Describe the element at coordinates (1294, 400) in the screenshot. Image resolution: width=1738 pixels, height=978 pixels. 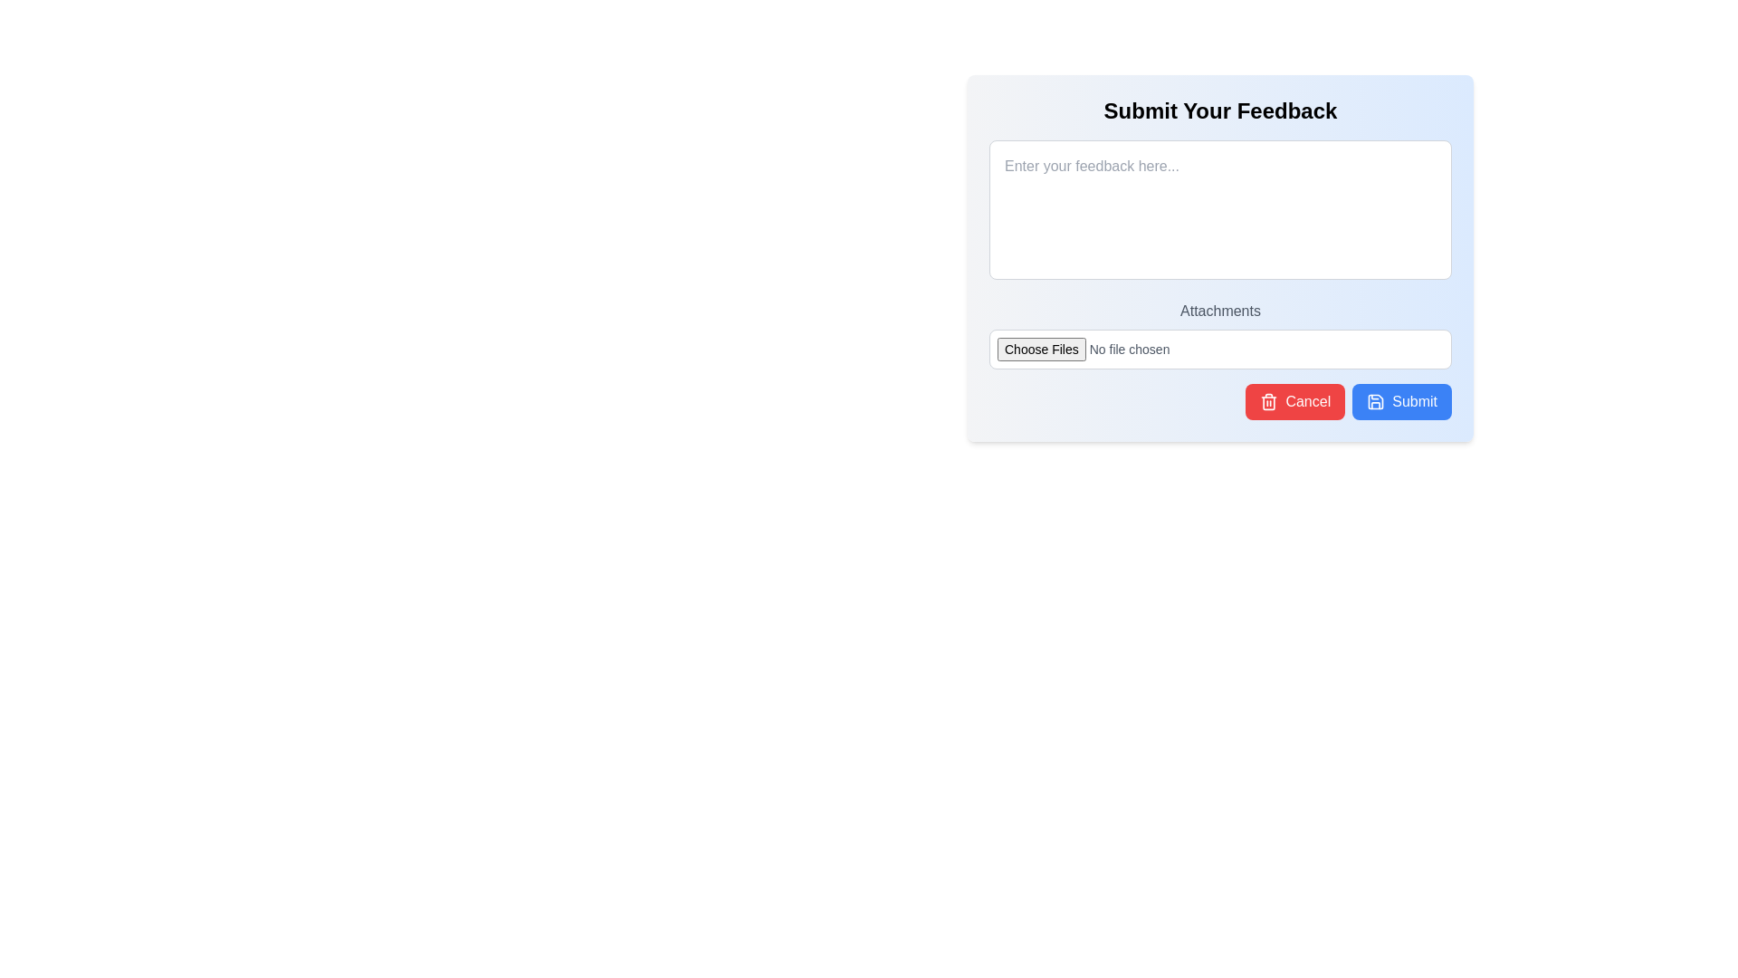
I see `the red 'Cancel' button with white text and a trash can icon to observe any hover-related effects` at that location.